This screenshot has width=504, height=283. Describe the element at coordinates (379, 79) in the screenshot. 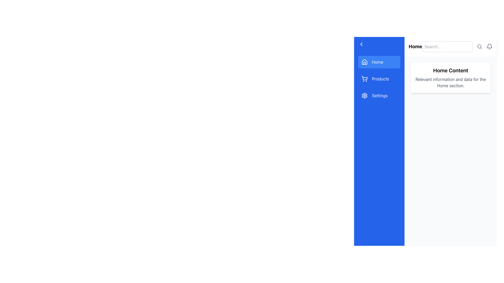

I see `the second navigation item in the sidebar, which links to the Products section of the application` at that location.